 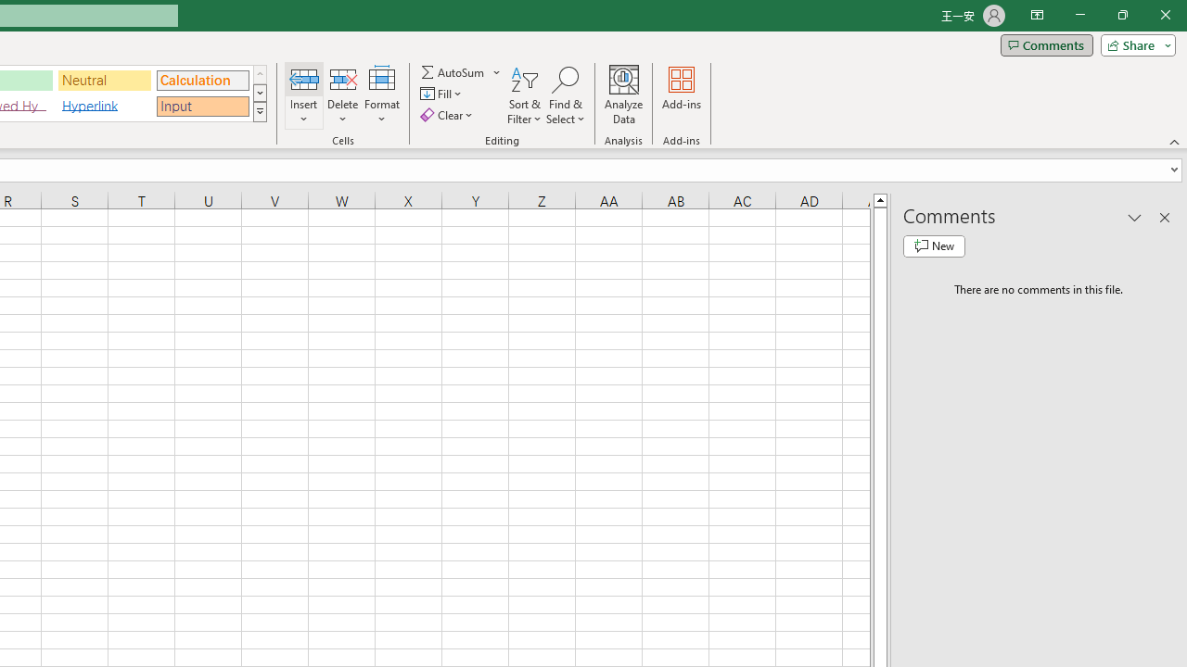 I want to click on 'New comment', so click(x=934, y=245).